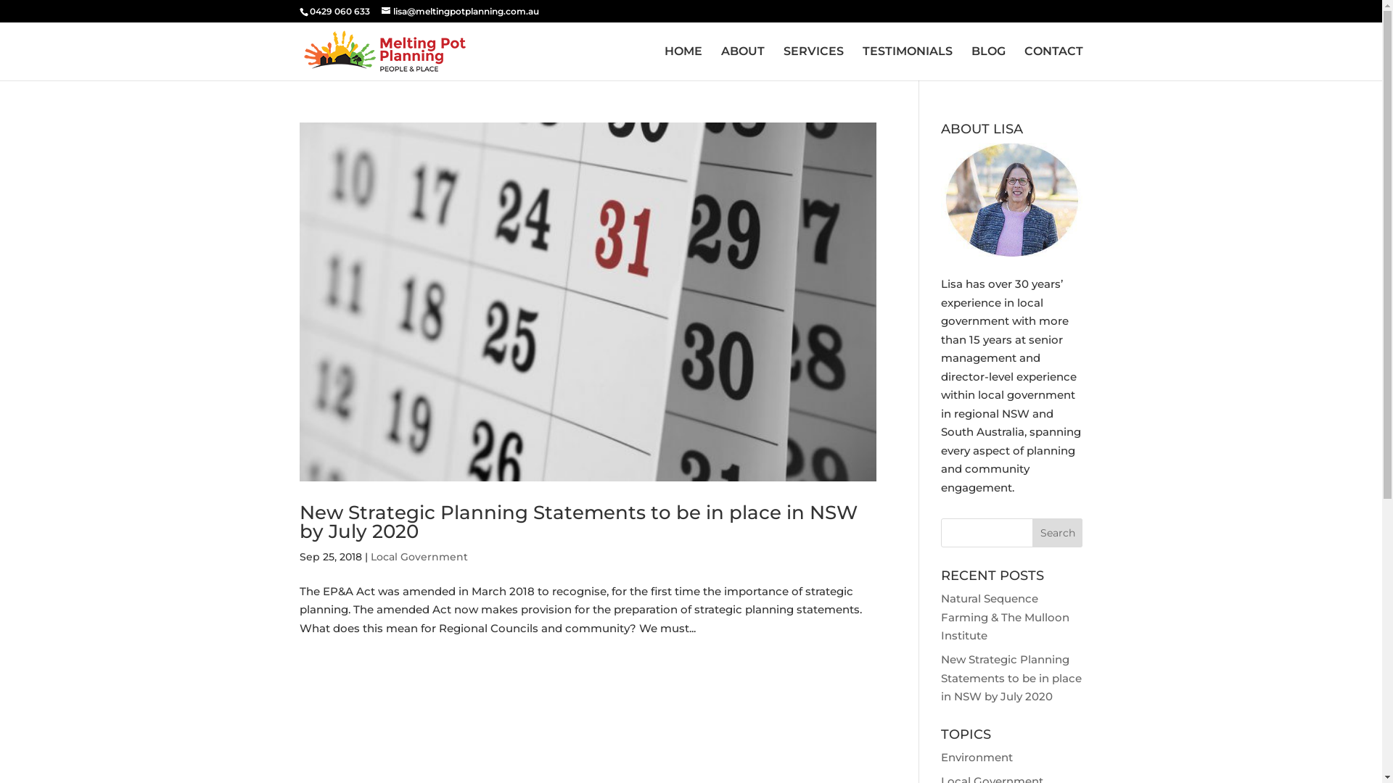  Describe the element at coordinates (1004, 617) in the screenshot. I see `'Natural Sequence Farming & The Mulloon Institute'` at that location.